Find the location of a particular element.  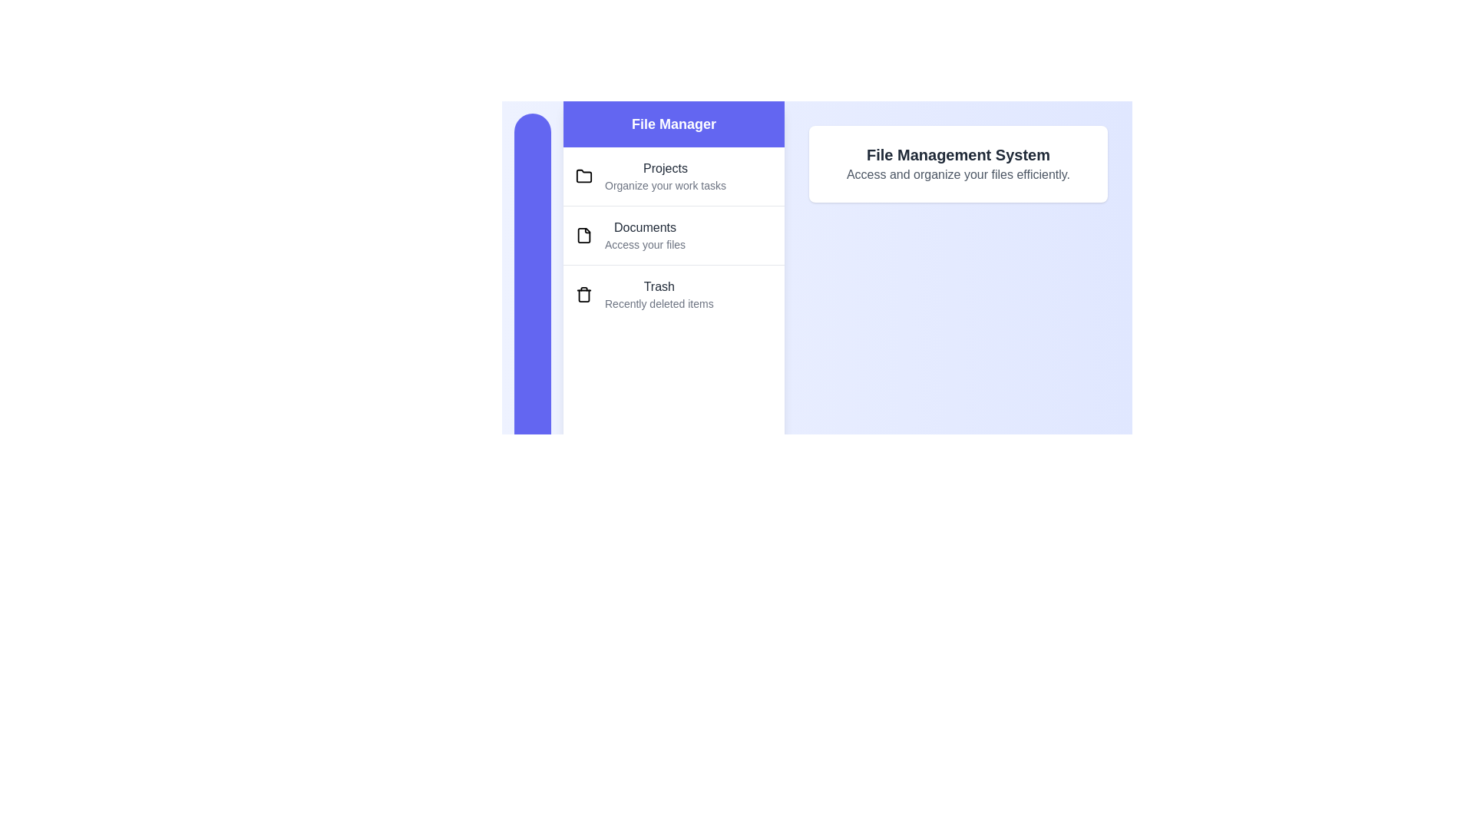

the Trash in the file manager list is located at coordinates (674, 294).